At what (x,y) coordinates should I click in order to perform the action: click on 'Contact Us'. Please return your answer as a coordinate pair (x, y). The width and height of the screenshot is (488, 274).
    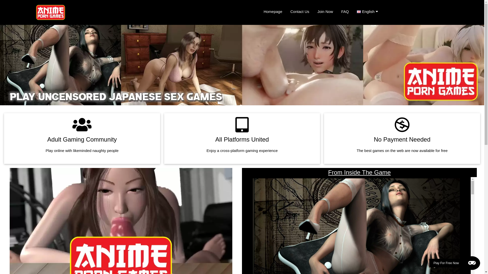
    Looking at the image, I should click on (300, 11).